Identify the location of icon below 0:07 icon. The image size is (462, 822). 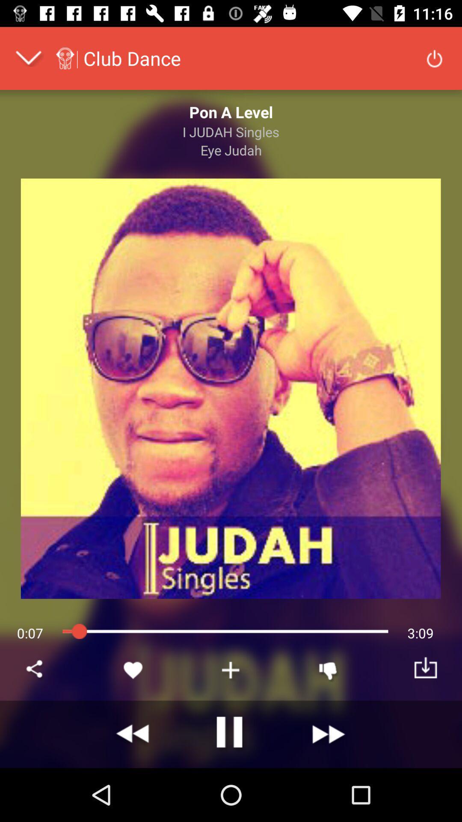
(36, 670).